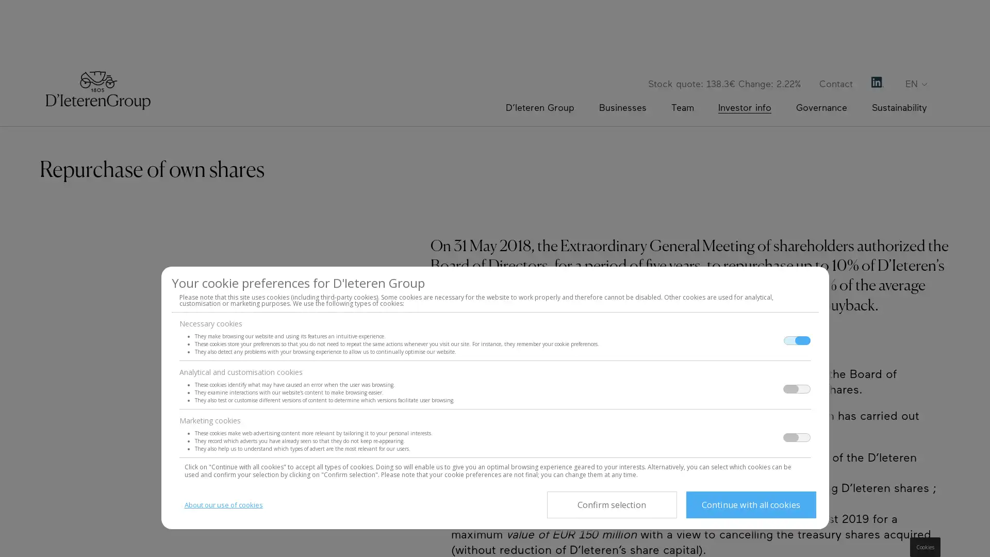  Describe the element at coordinates (611, 504) in the screenshot. I see `Save Consent Preferences` at that location.